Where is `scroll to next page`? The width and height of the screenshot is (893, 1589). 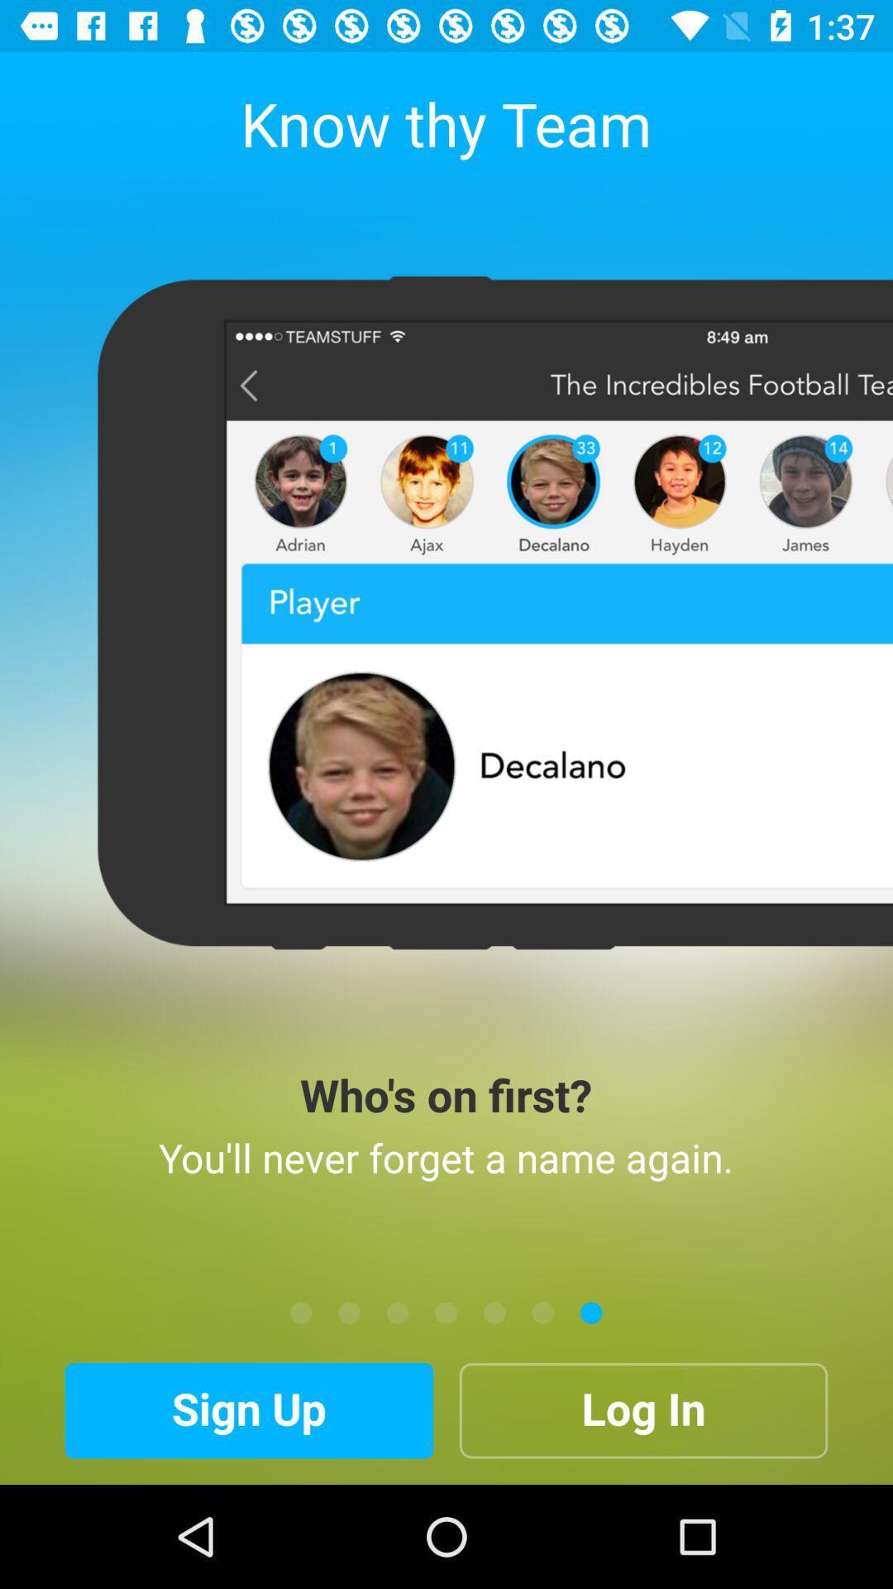
scroll to next page is located at coordinates (542, 1312).